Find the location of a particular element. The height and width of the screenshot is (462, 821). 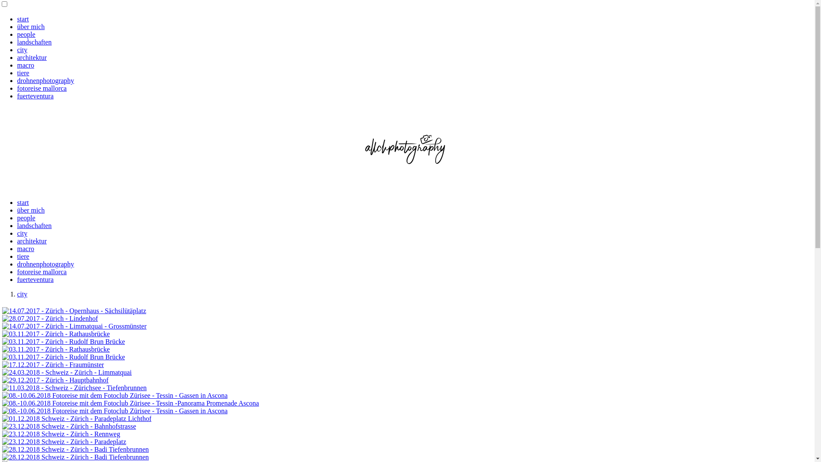

'city' is located at coordinates (17, 293).